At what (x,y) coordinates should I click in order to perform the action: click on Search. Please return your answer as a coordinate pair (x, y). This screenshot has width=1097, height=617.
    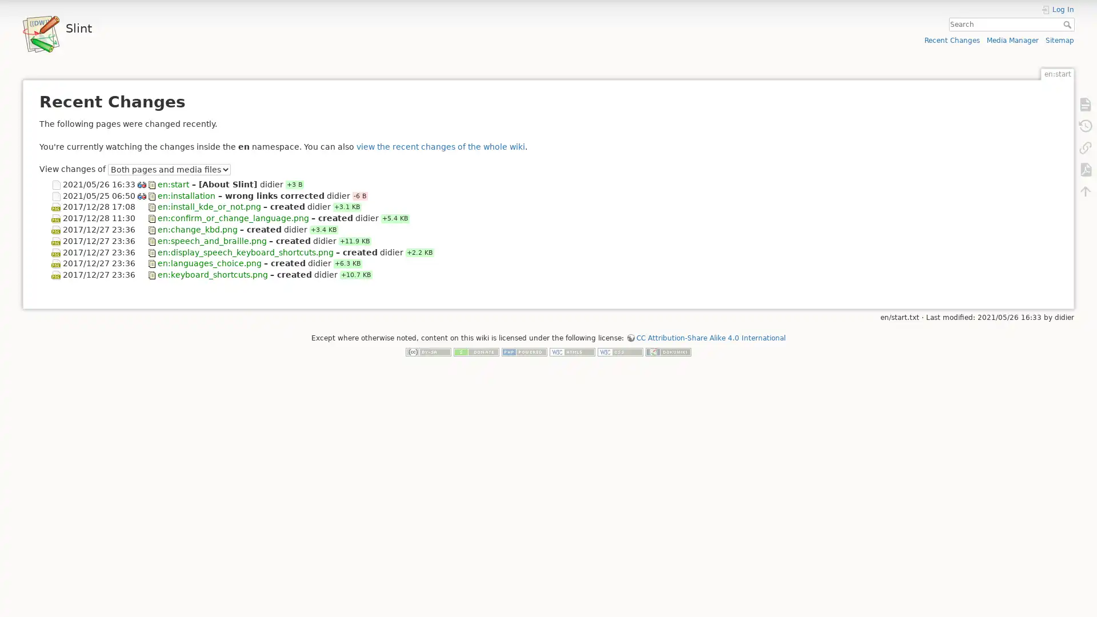
    Looking at the image, I should click on (1068, 24).